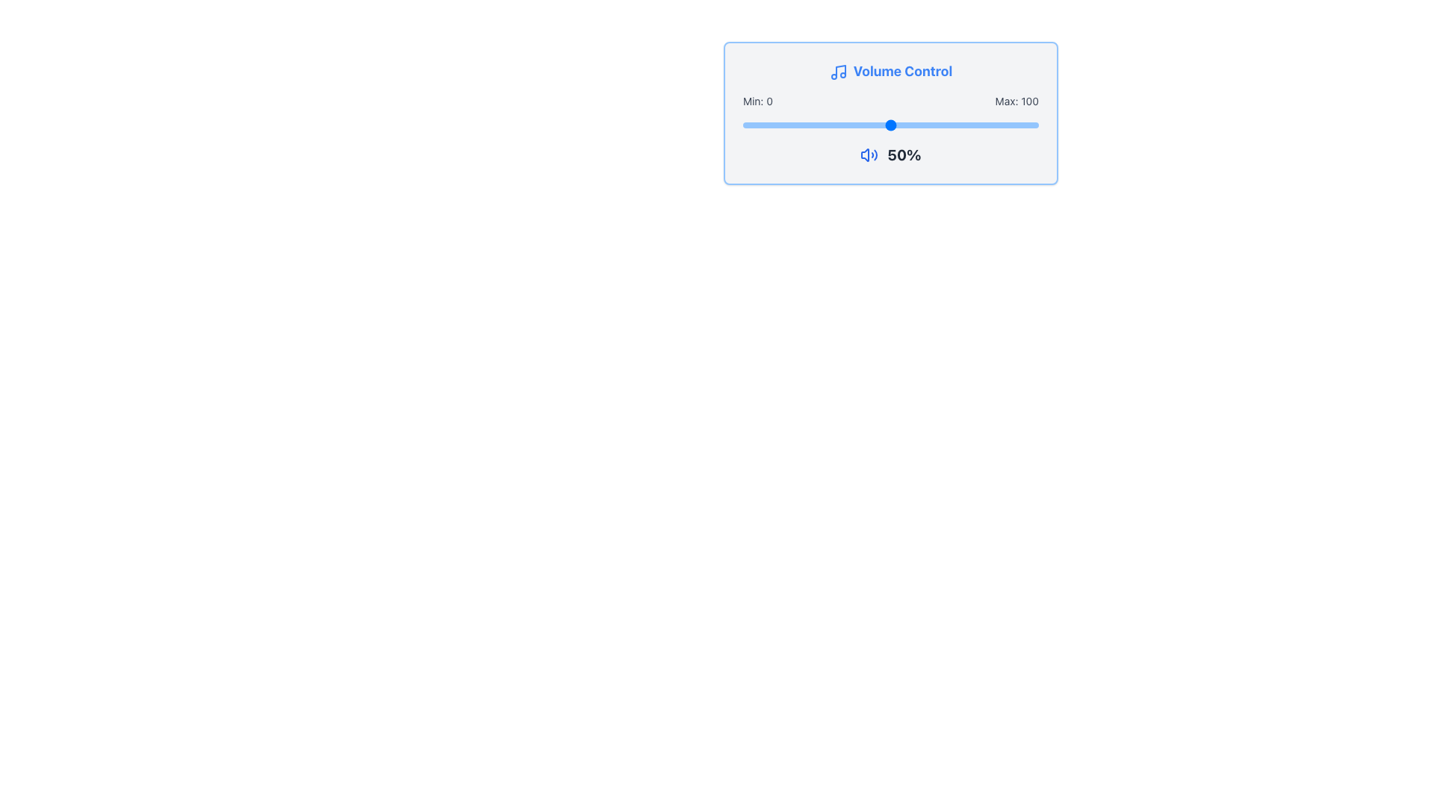 This screenshot has width=1434, height=806. What do you see at coordinates (1016, 101) in the screenshot?
I see `the text label that displays the maximum value of the range slider, which is positioned on the right side and aligns with the 'Min: 0' label` at bounding box center [1016, 101].